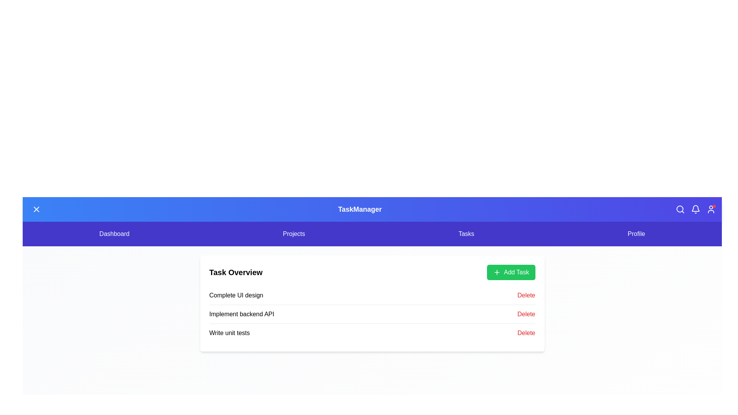 This screenshot has height=415, width=738. I want to click on the 'Dashboard' menu item in the navigation bar, so click(114, 234).